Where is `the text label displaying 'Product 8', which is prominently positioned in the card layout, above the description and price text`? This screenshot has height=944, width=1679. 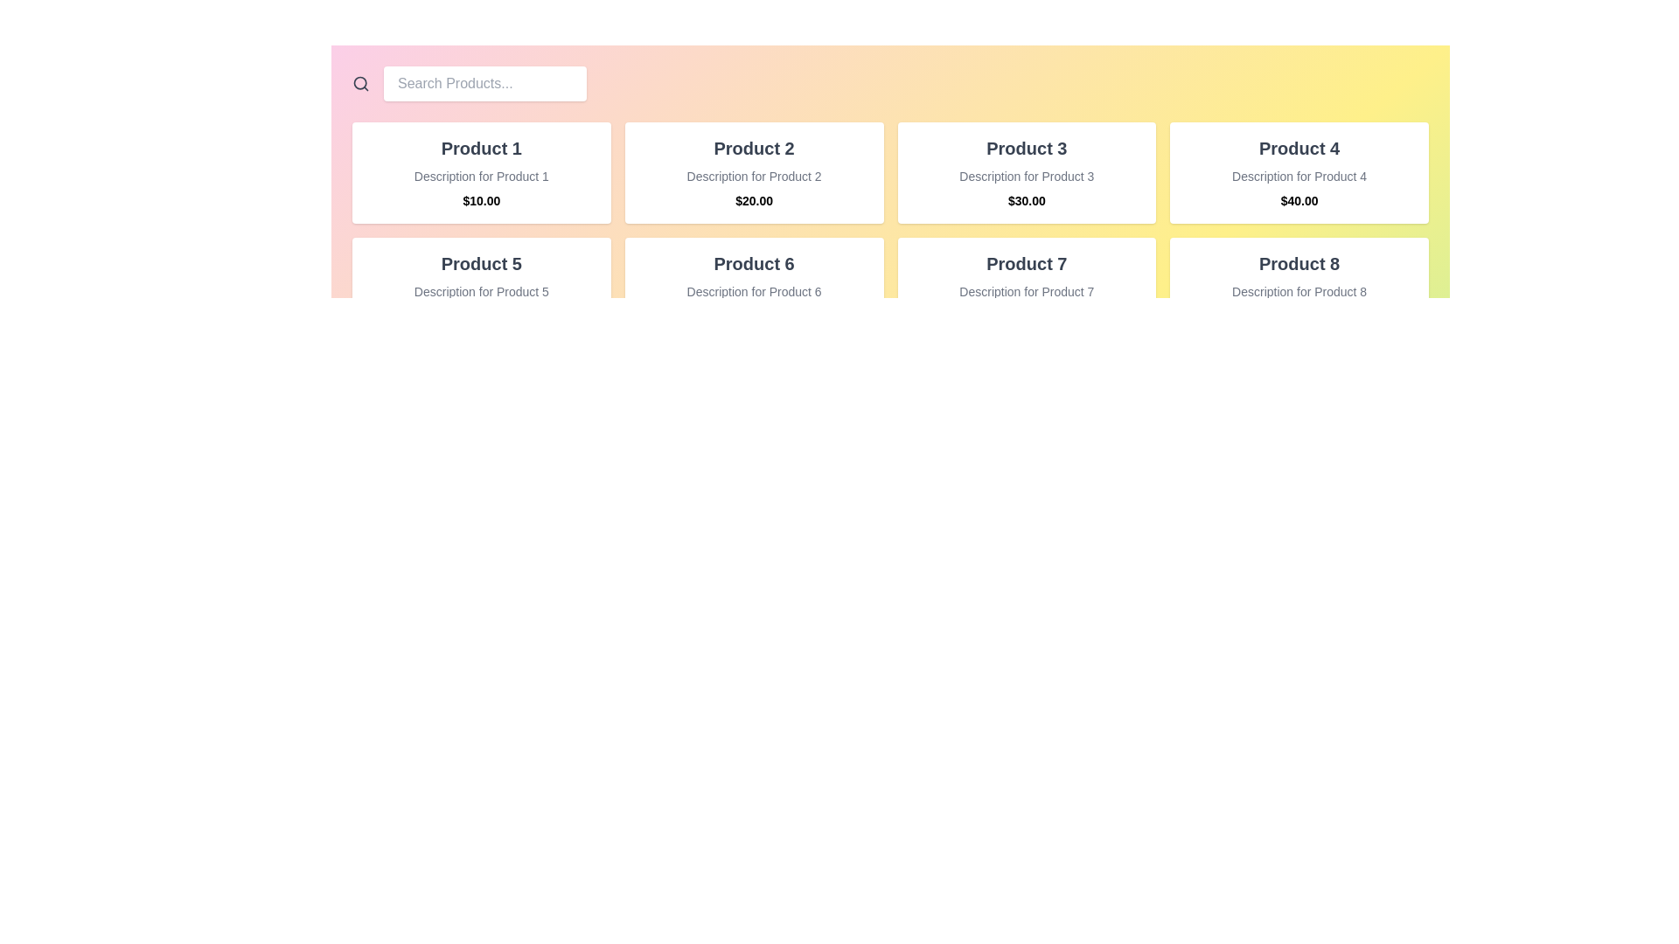
the text label displaying 'Product 8', which is prominently positioned in the card layout, above the description and price text is located at coordinates (1299, 263).